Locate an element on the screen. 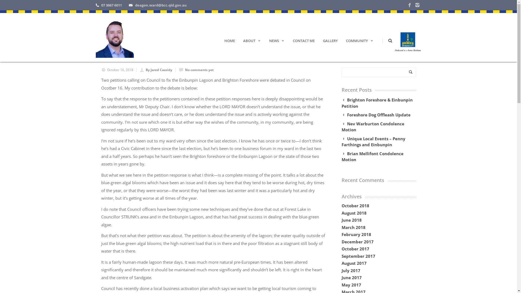  'Instagram' is located at coordinates (417, 5).